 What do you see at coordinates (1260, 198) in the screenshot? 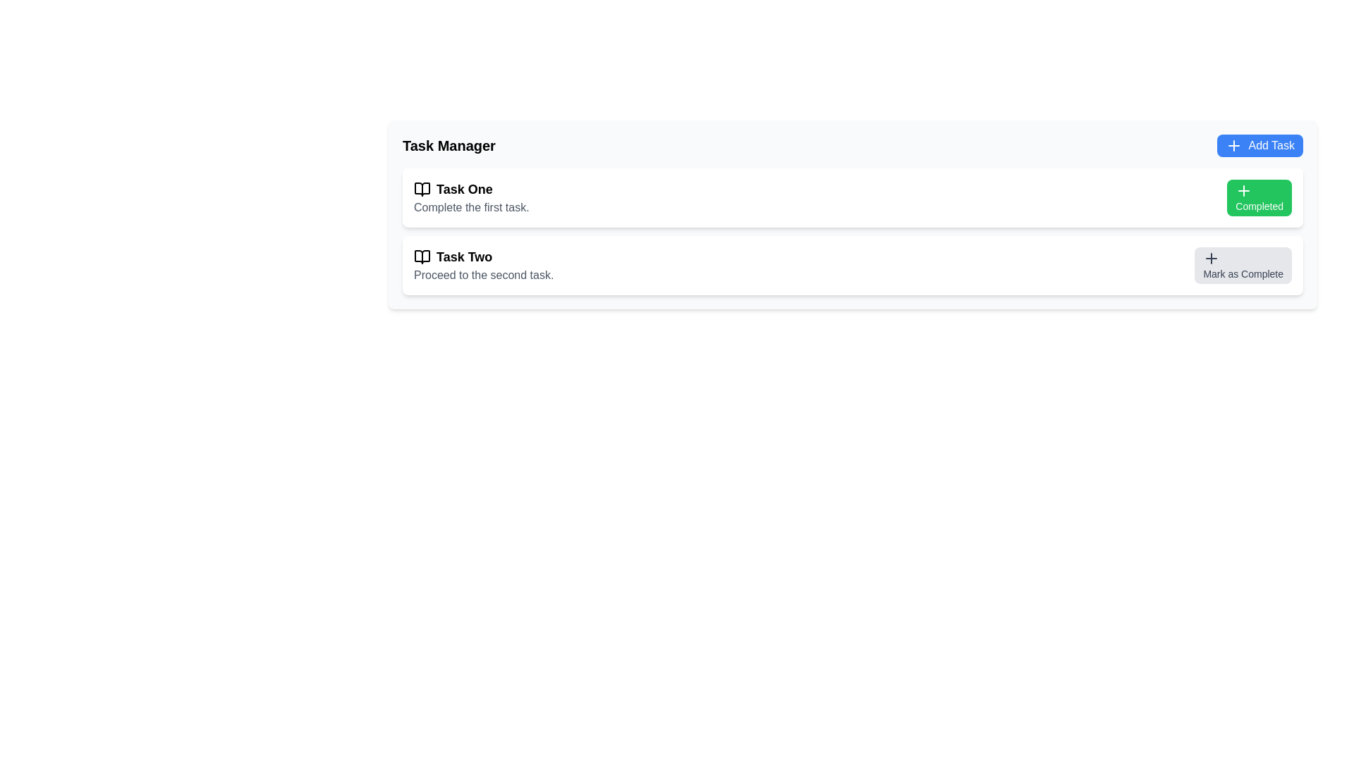
I see `the green rectangular button labeled 'Completed' with a plus sign icon, located on the rightmost side of the first task row associated with 'Task One'` at bounding box center [1260, 198].